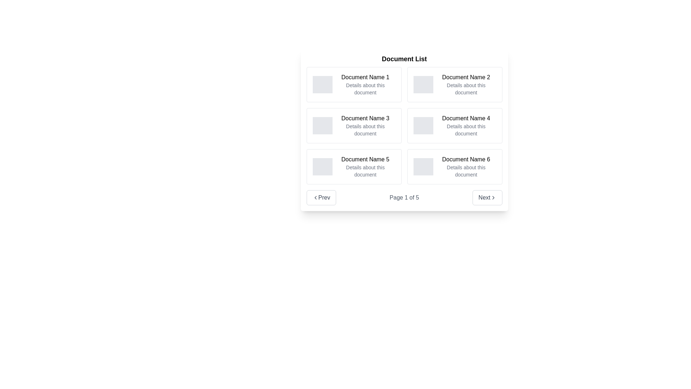 This screenshot has height=389, width=691. Describe the element at coordinates (466, 88) in the screenshot. I see `the text label that contains the small-sized light gray text 'Details about this document' located under the title 'Document Name 2' within the second card of the grid layout` at that location.